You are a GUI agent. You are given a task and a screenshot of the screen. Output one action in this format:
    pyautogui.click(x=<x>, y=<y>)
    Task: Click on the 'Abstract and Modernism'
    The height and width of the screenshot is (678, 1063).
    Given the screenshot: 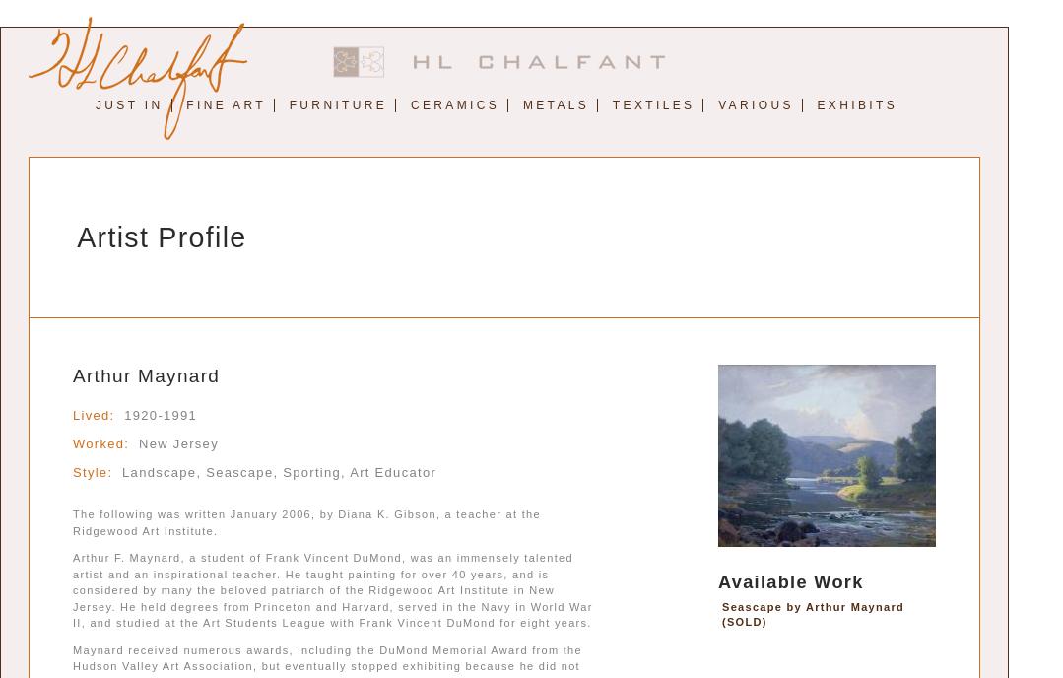 What is the action you would take?
    pyautogui.click(x=288, y=132)
    